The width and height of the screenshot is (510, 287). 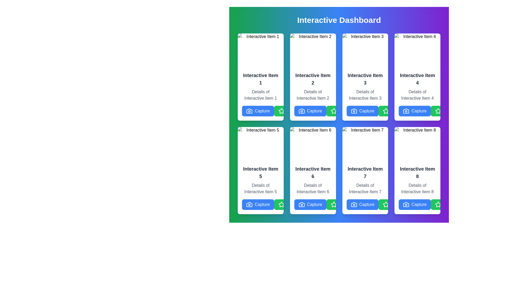 What do you see at coordinates (417, 79) in the screenshot?
I see `the text label titled 'Interactive Item 4' located in the fourth card of the interactive grid, positioned above the subtitle 'Details of Interactive Item 4'` at bounding box center [417, 79].